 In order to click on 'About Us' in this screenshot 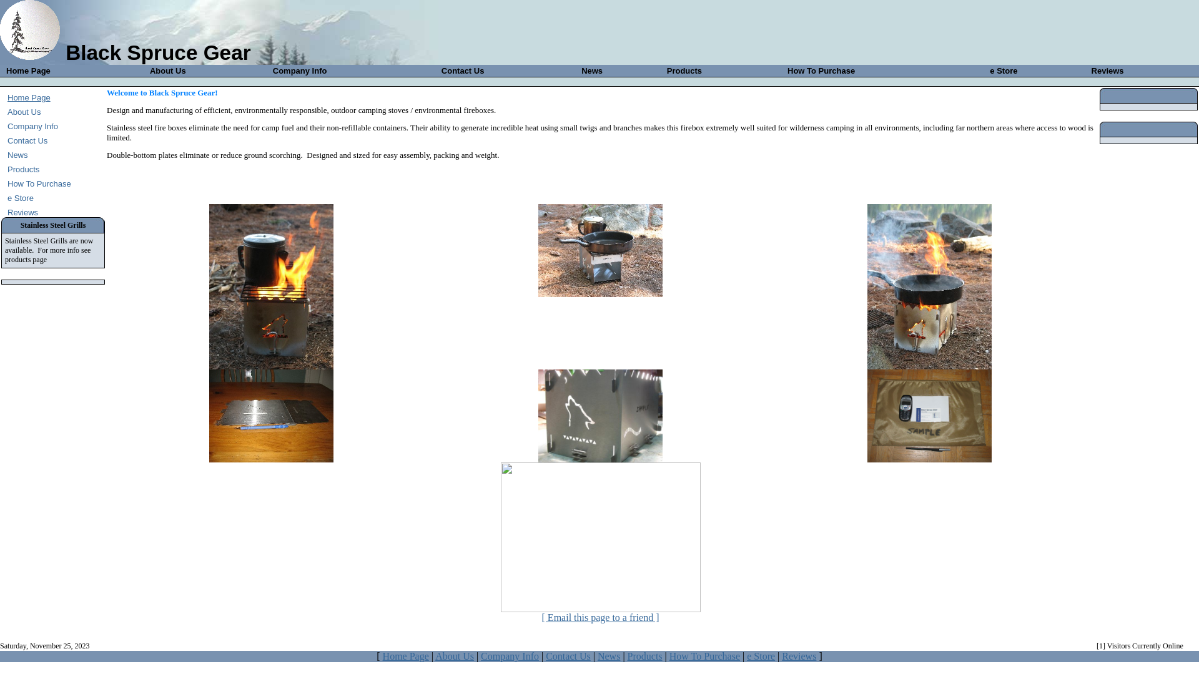, I will do `click(167, 71)`.